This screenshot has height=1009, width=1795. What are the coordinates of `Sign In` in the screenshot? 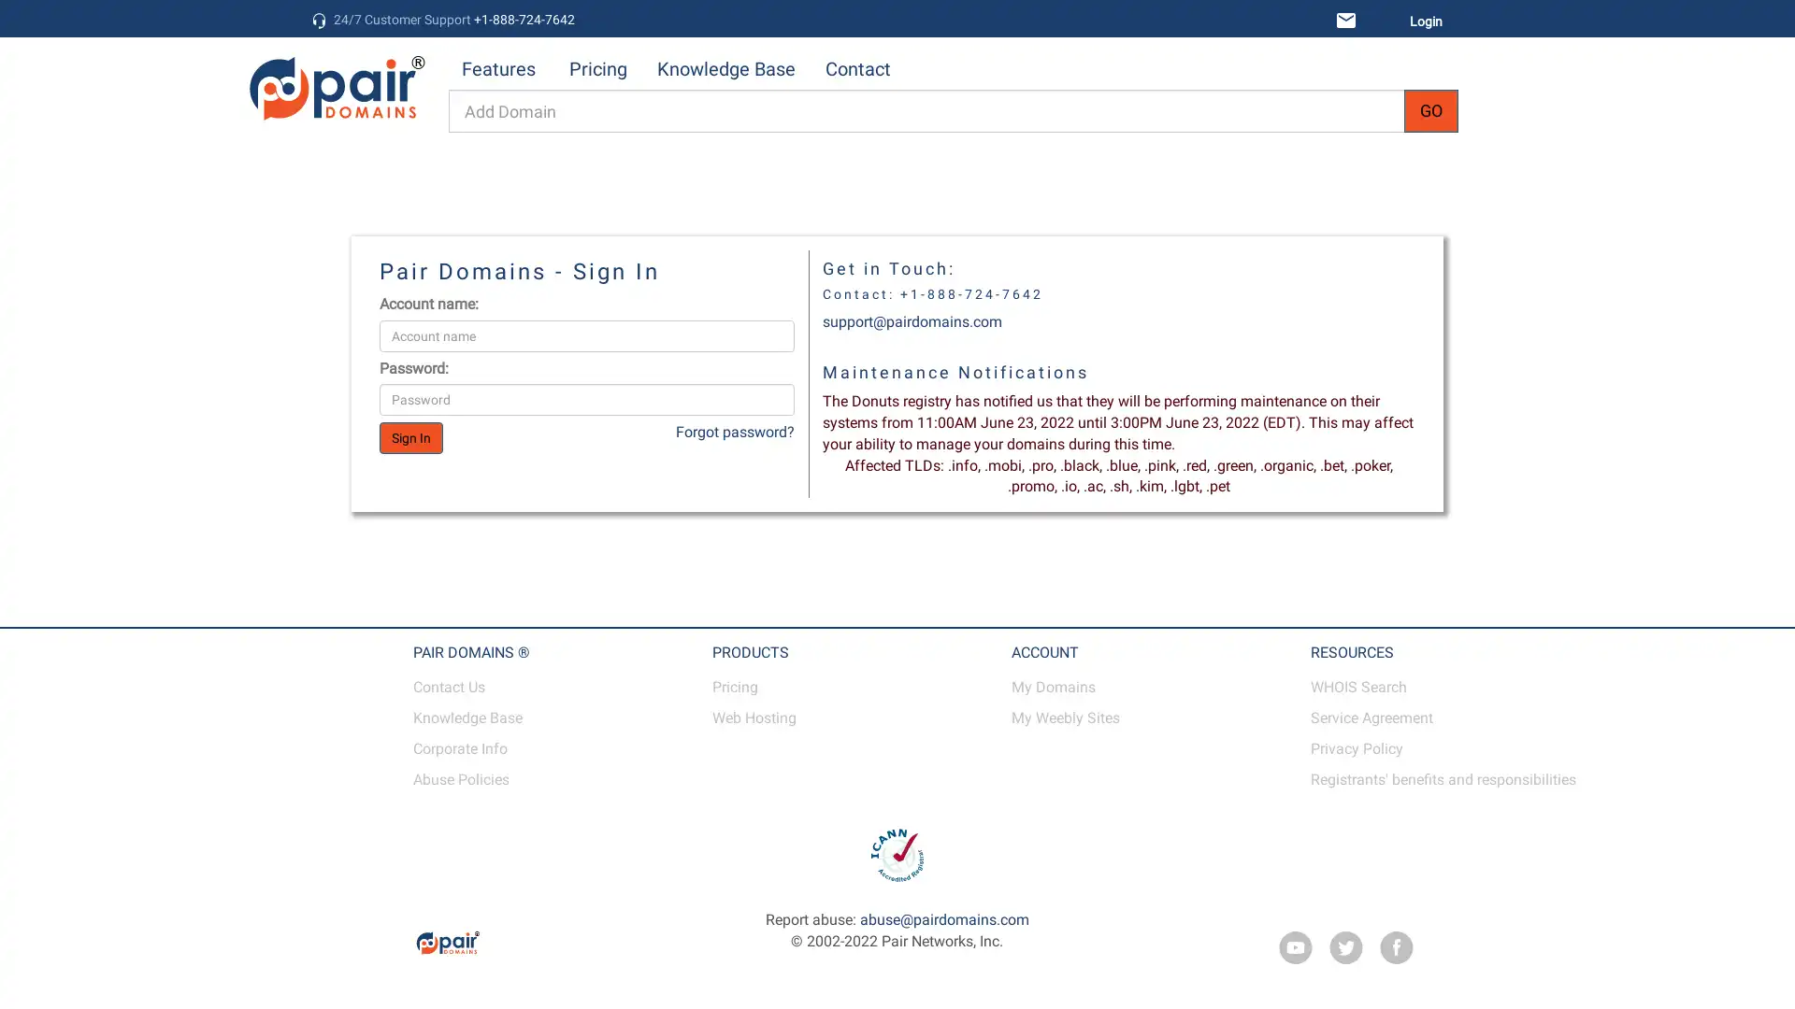 It's located at (410, 438).